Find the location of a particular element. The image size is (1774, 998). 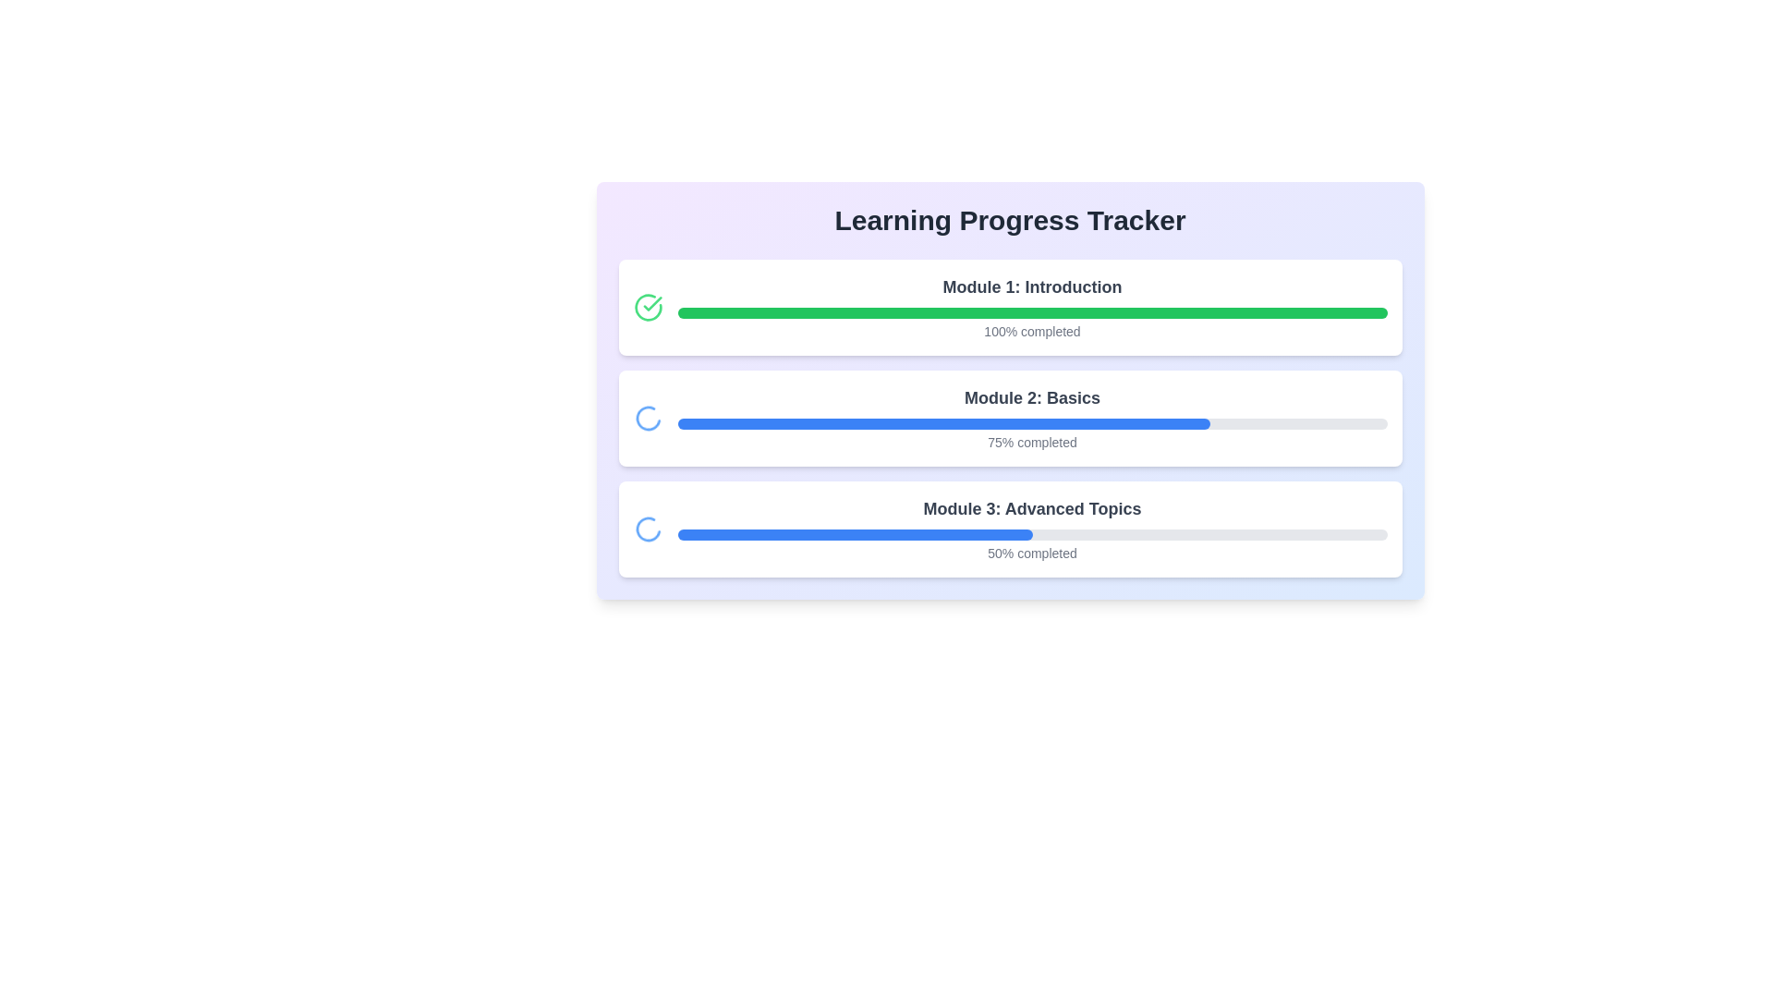

the module progress indicator displaying 'Module 2: Basics' to receive additional information is located at coordinates (1031, 418).